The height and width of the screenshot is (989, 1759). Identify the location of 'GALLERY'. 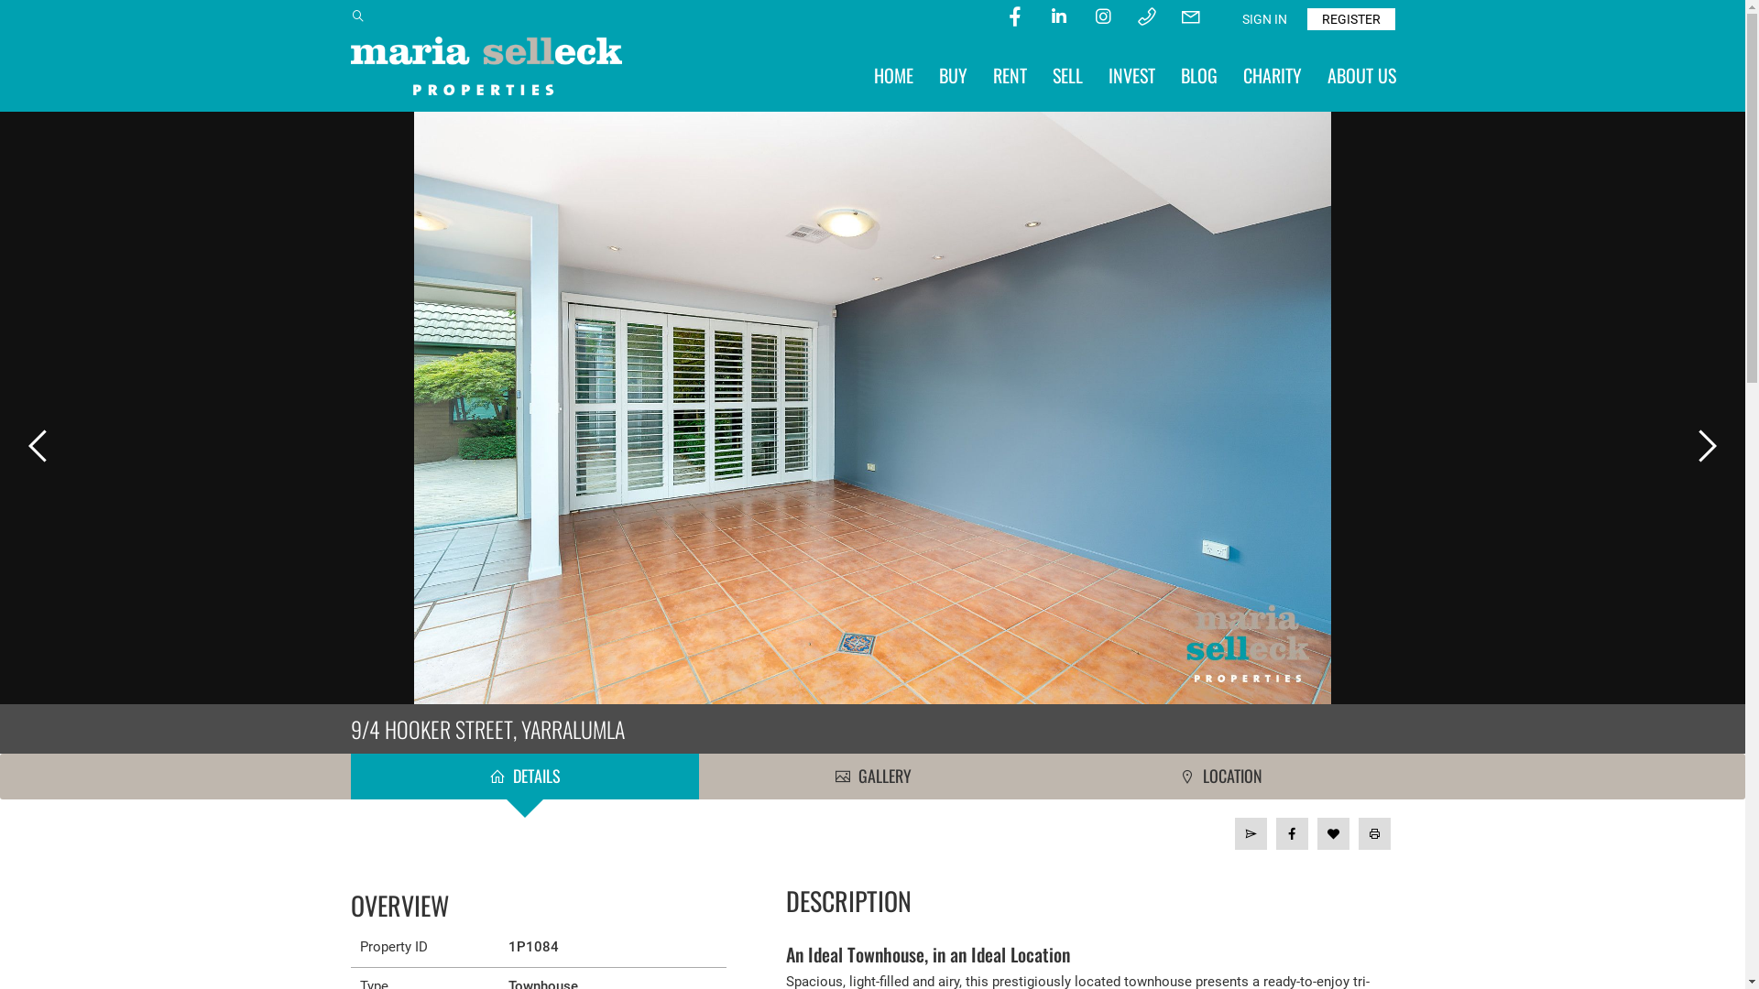
(870, 777).